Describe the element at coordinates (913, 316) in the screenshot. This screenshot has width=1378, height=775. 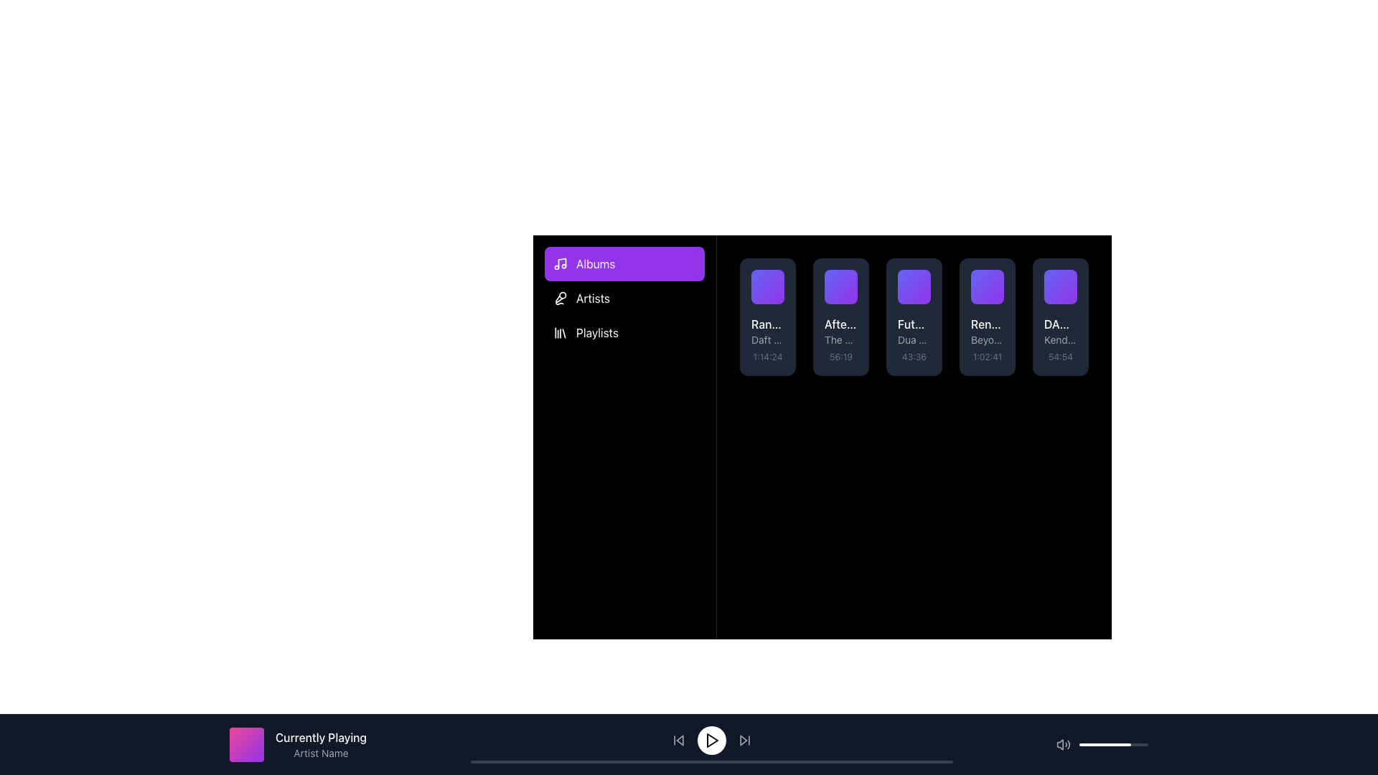
I see `the third media card from the left in a row of five cards to trigger the hover effect` at that location.